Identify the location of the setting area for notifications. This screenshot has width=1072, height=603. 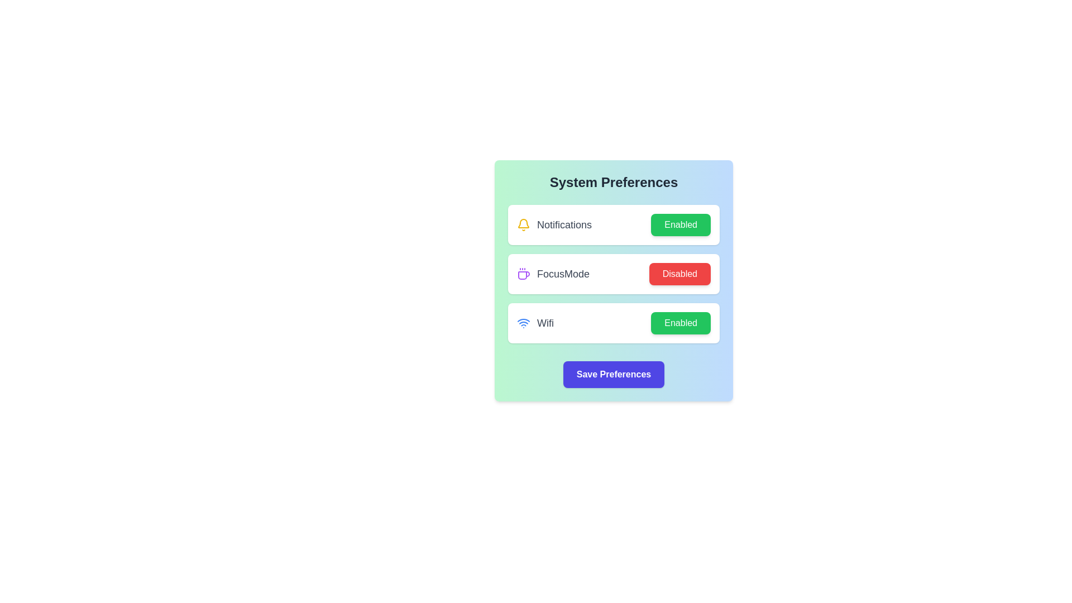
(613, 224).